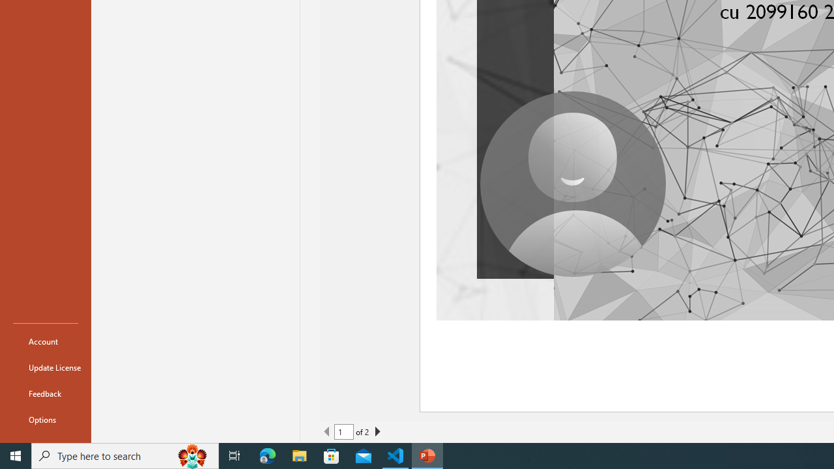  I want to click on 'Previous Page', so click(327, 432).